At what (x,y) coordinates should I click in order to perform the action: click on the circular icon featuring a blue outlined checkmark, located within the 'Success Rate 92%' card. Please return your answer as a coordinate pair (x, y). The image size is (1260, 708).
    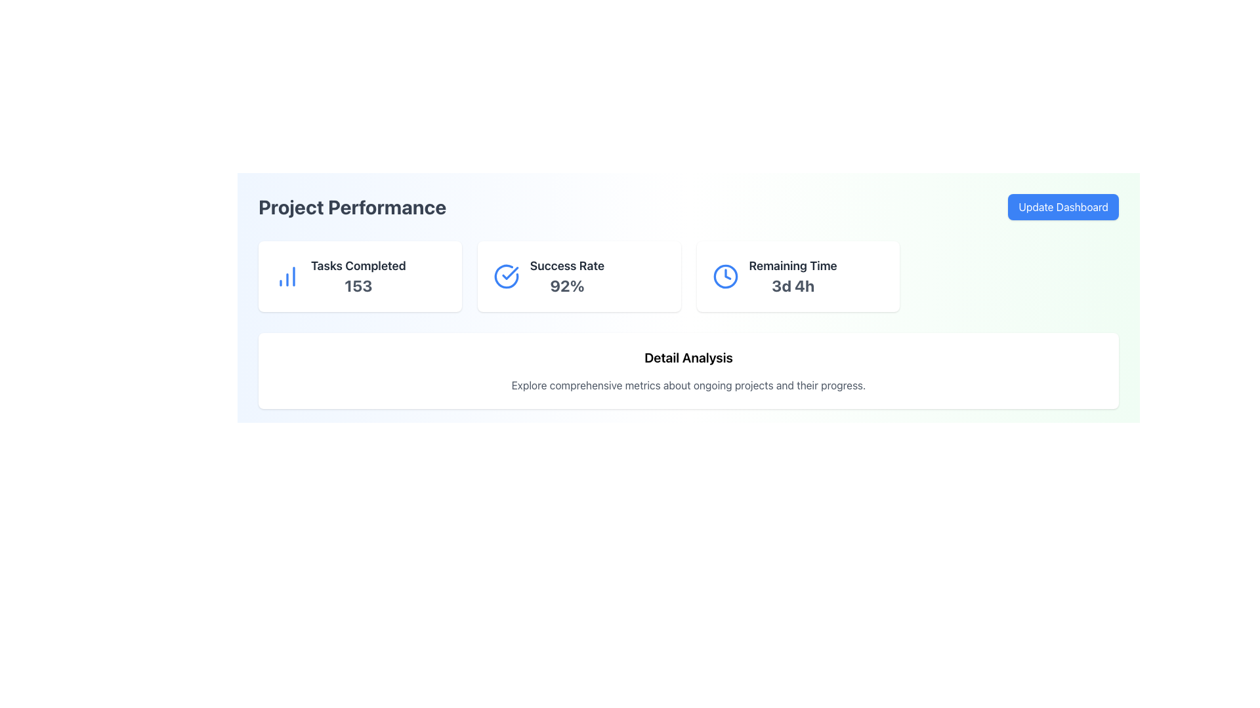
    Looking at the image, I should click on (505, 275).